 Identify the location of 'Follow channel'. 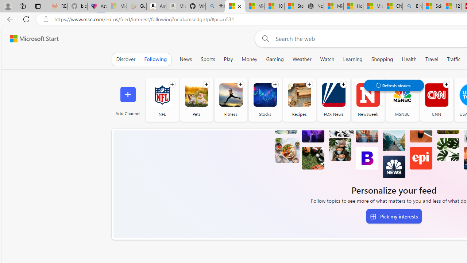
(446, 84).